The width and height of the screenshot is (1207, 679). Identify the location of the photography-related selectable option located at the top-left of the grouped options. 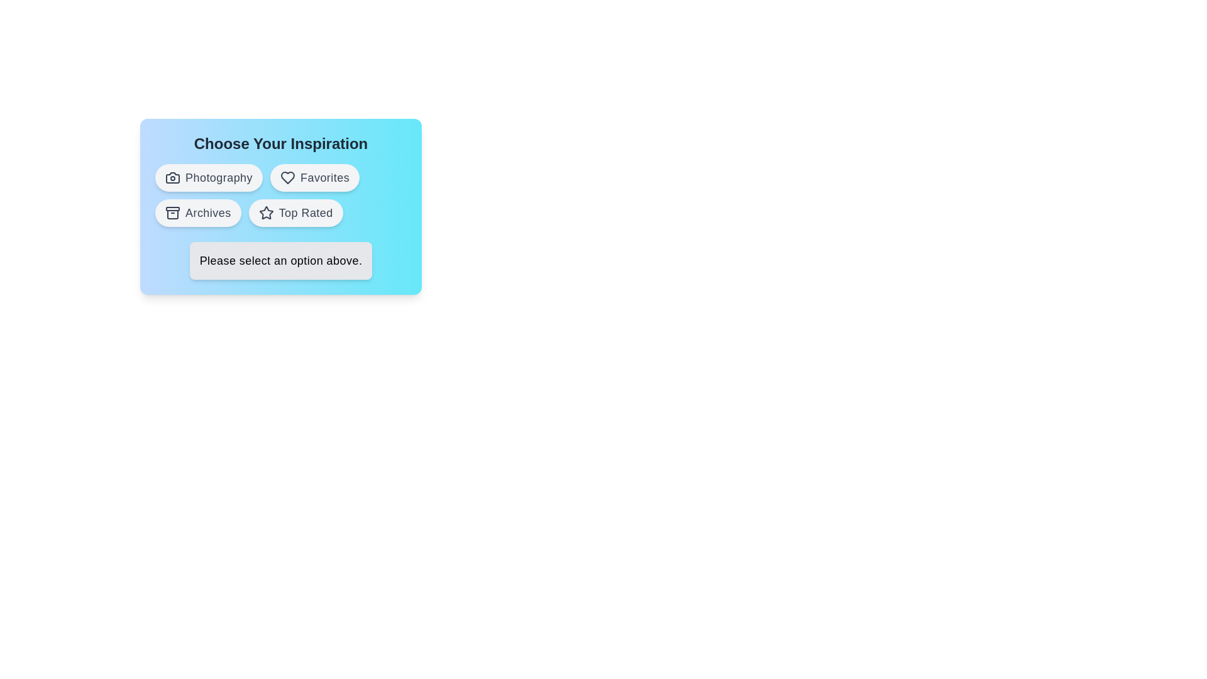
(209, 177).